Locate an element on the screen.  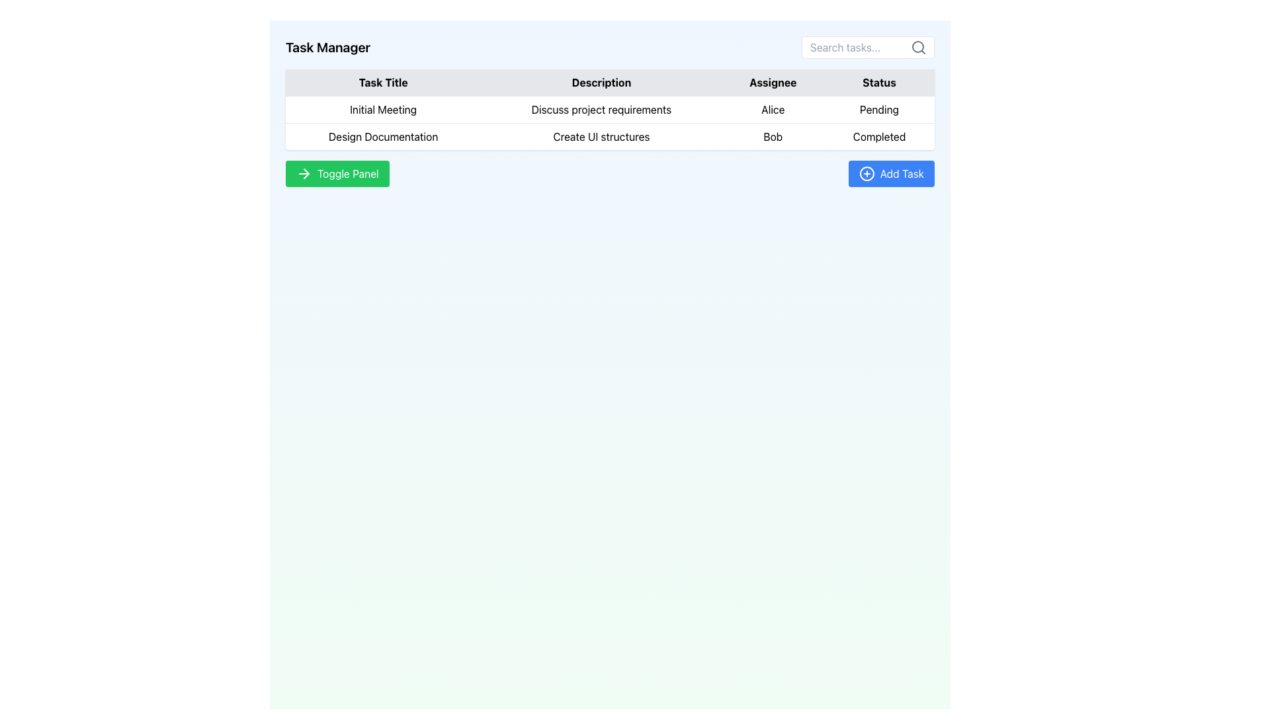
the 'Add Task' button located at the top-right area of the interface is located at coordinates (891, 173).